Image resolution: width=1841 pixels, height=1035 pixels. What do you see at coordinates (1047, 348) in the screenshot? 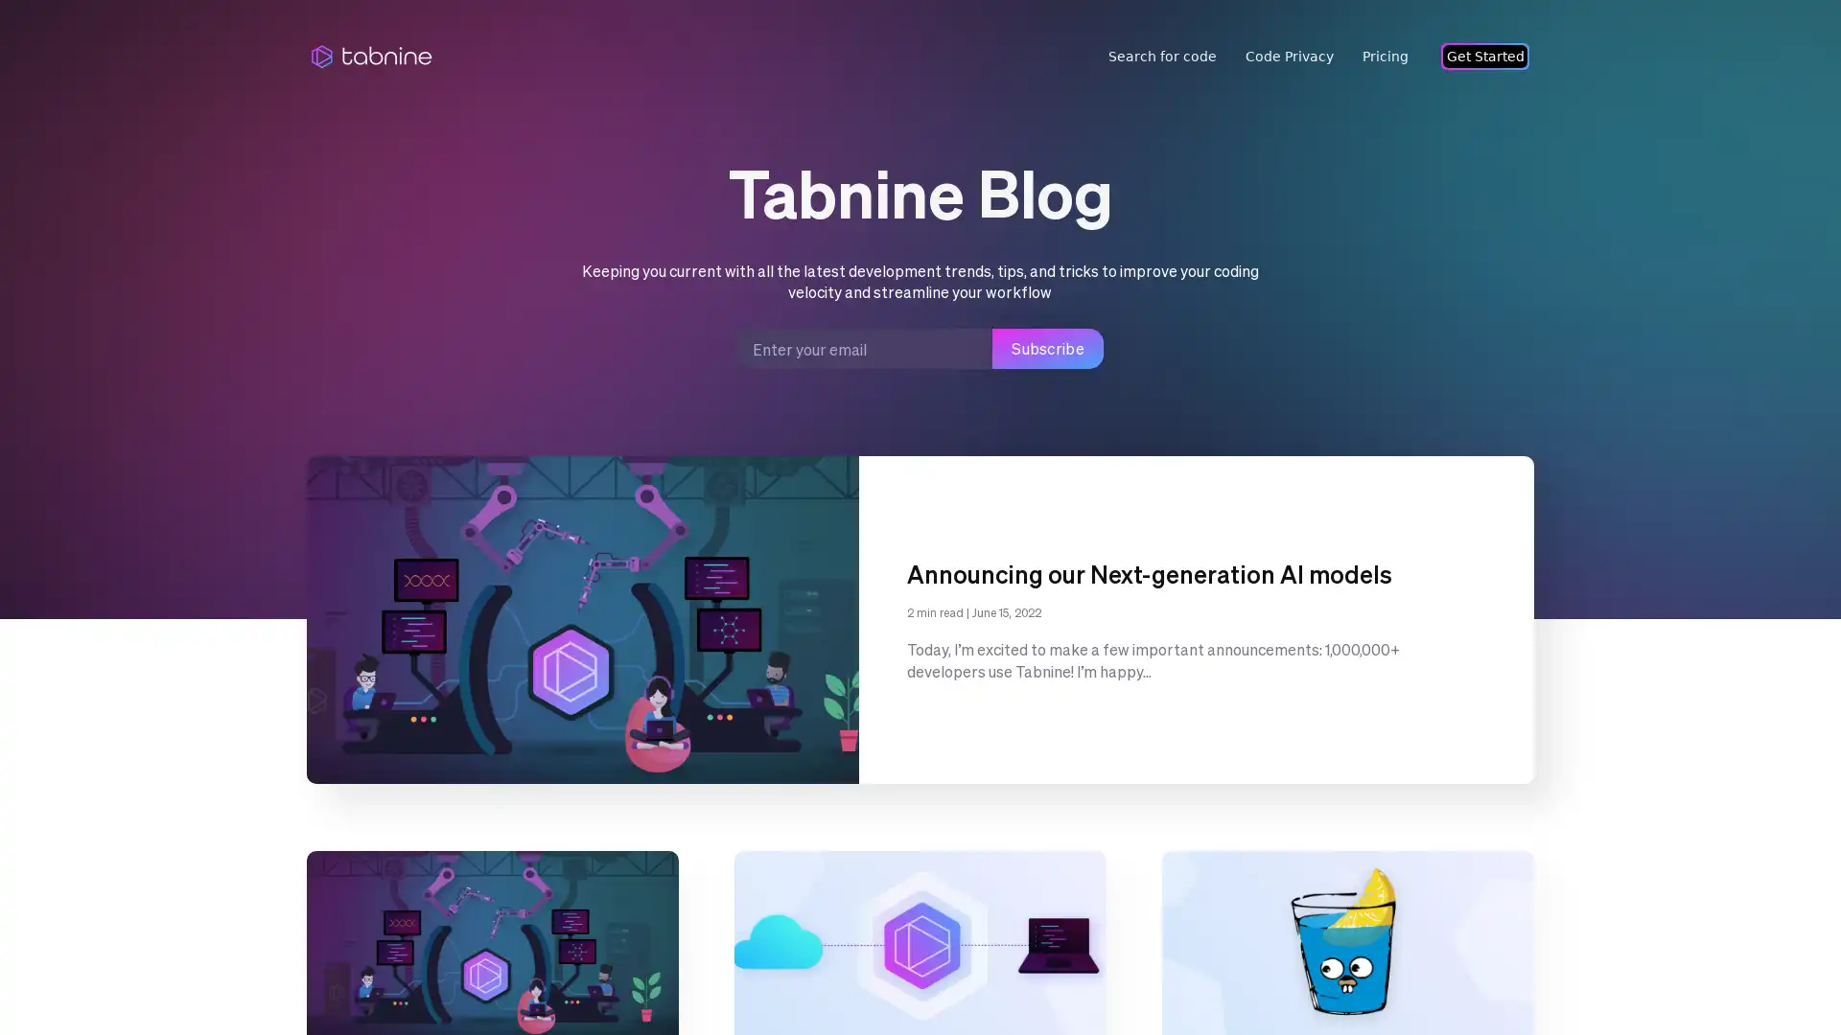
I see `Subscribe` at bounding box center [1047, 348].